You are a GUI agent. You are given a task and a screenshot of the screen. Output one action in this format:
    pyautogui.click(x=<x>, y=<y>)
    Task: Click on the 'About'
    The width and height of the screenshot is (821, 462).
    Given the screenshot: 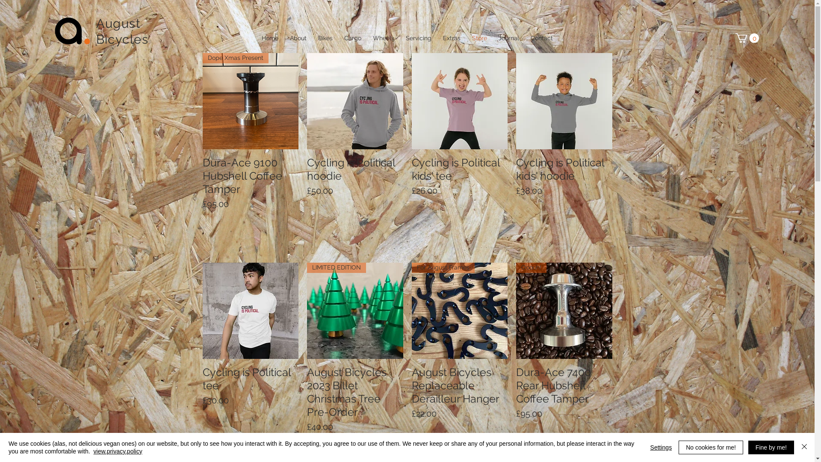 What is the action you would take?
    pyautogui.click(x=298, y=37)
    